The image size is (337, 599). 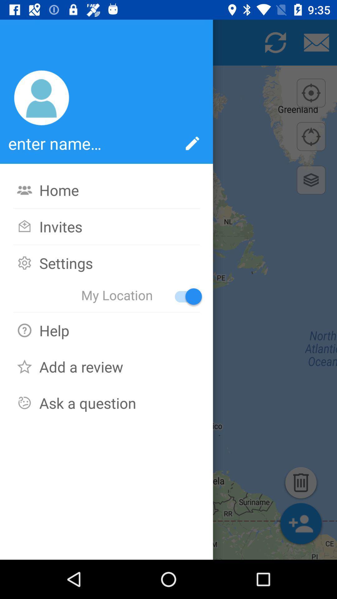 I want to click on the email icon, so click(x=316, y=42).